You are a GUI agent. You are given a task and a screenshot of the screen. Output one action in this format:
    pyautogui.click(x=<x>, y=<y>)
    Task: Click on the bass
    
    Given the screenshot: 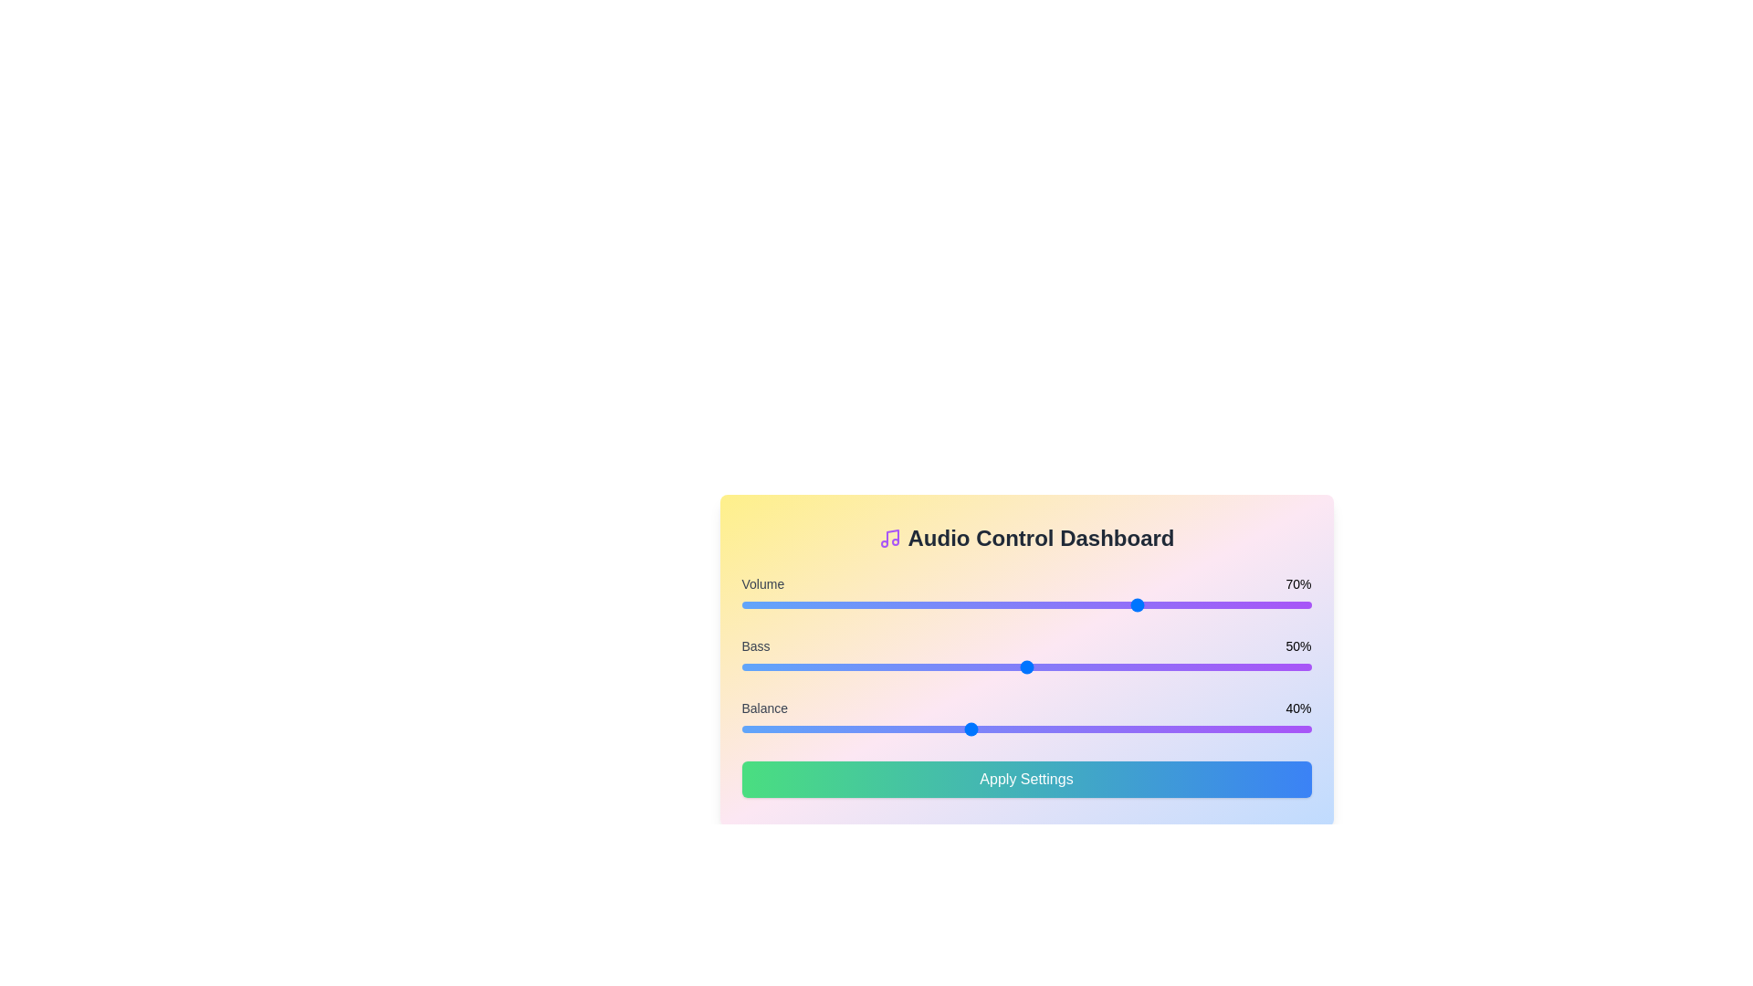 What is the action you would take?
    pyautogui.click(x=759, y=667)
    